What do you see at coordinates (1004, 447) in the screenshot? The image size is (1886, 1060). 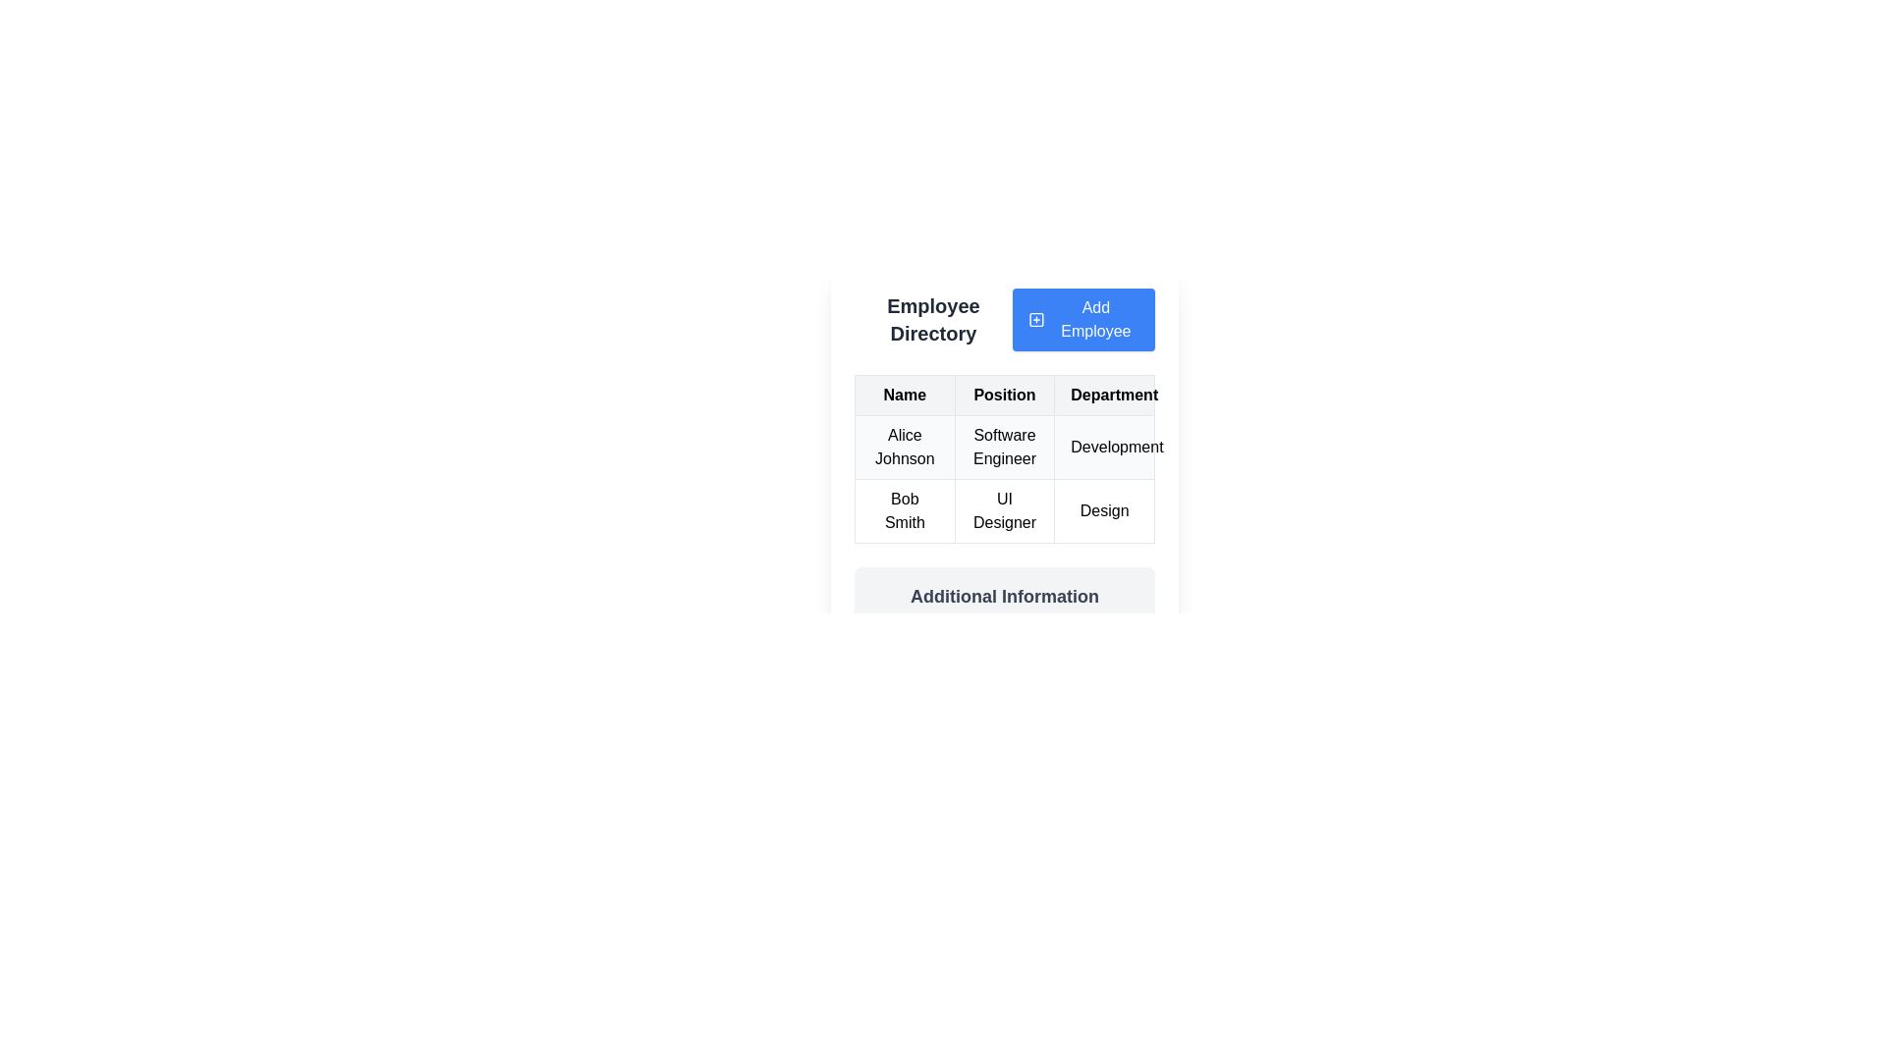 I see `the first row of the table containing 'Alice Johnson', 'Software Engineer', and 'Development'` at bounding box center [1004, 447].